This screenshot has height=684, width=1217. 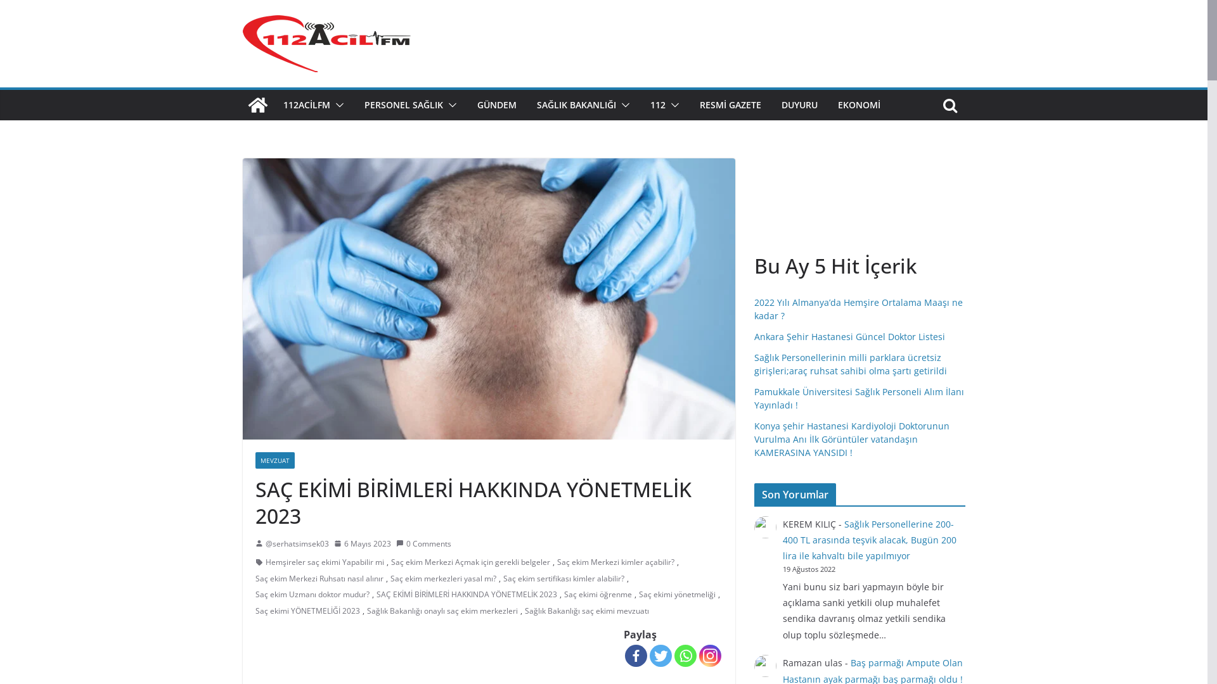 I want to click on 'EKONOMI', so click(x=837, y=104).